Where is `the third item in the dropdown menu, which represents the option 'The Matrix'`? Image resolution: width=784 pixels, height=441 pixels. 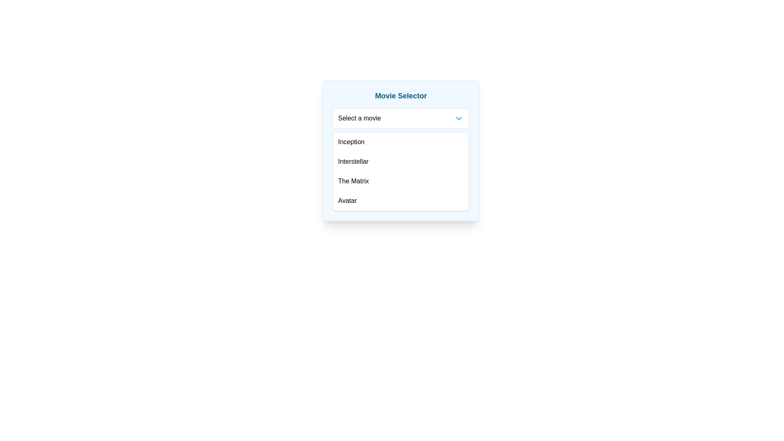 the third item in the dropdown menu, which represents the option 'The Matrix' is located at coordinates (401, 180).